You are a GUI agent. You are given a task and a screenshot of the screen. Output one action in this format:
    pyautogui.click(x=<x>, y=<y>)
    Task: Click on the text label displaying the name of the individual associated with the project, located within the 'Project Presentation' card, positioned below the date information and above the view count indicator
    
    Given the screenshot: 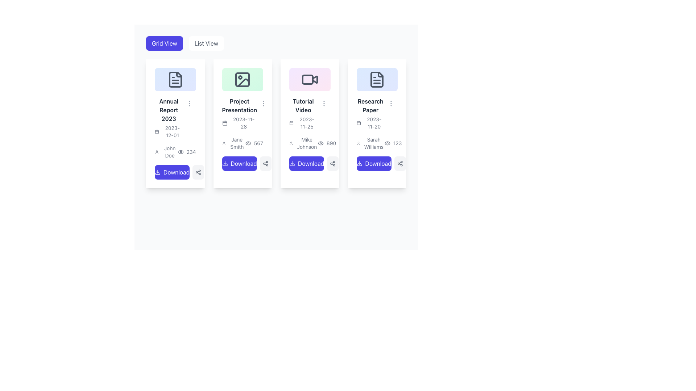 What is the action you would take?
    pyautogui.click(x=233, y=143)
    